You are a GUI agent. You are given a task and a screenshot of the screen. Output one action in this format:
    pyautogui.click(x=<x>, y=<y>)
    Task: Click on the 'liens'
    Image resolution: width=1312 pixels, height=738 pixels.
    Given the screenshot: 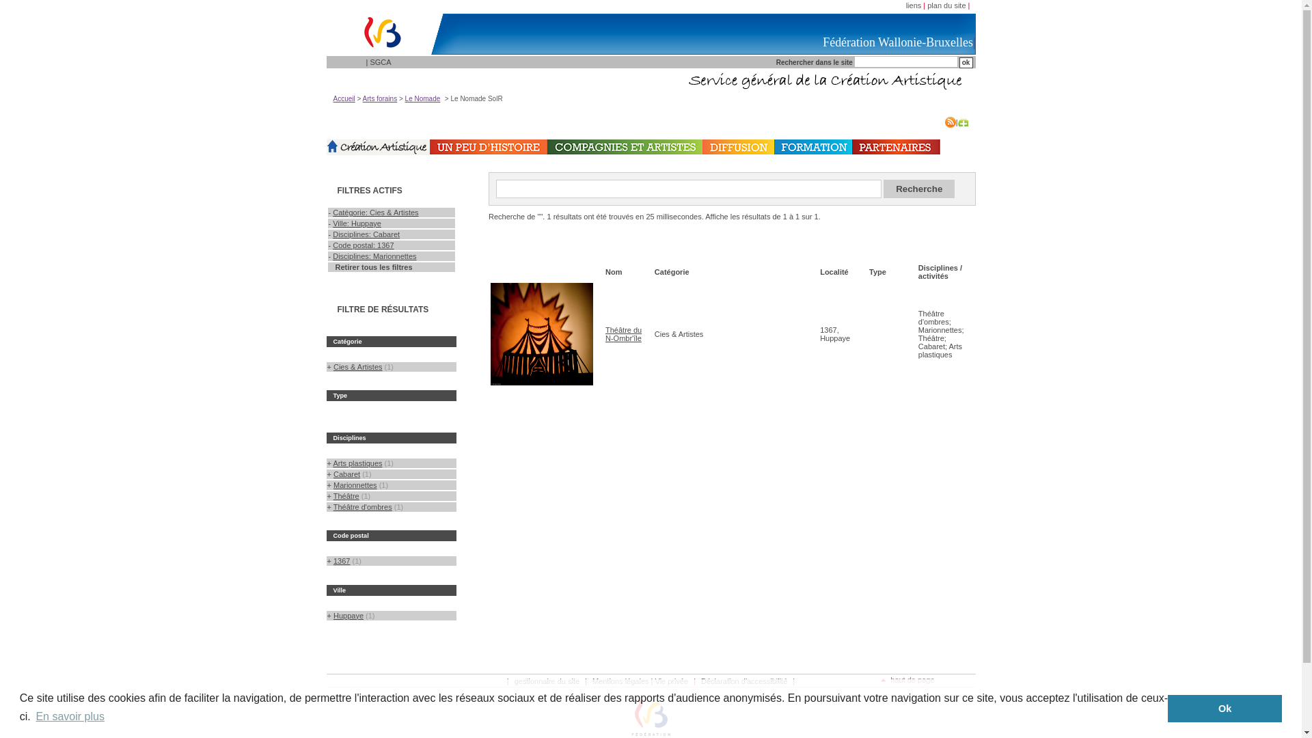 What is the action you would take?
    pyautogui.click(x=914, y=5)
    